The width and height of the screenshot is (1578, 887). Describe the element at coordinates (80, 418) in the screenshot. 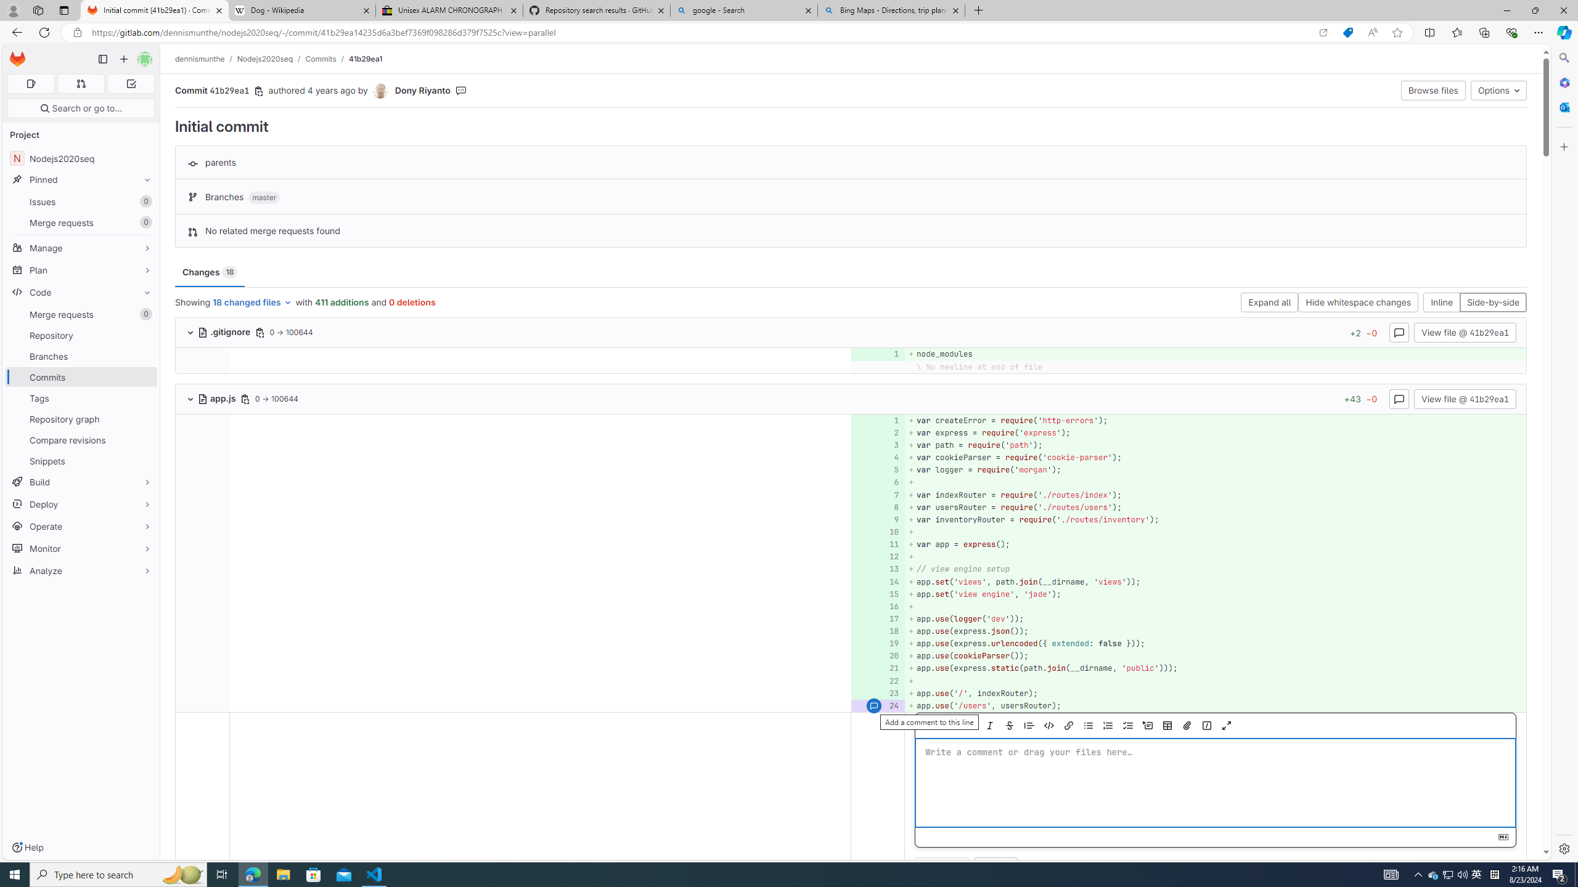

I see `'Repository graph'` at that location.